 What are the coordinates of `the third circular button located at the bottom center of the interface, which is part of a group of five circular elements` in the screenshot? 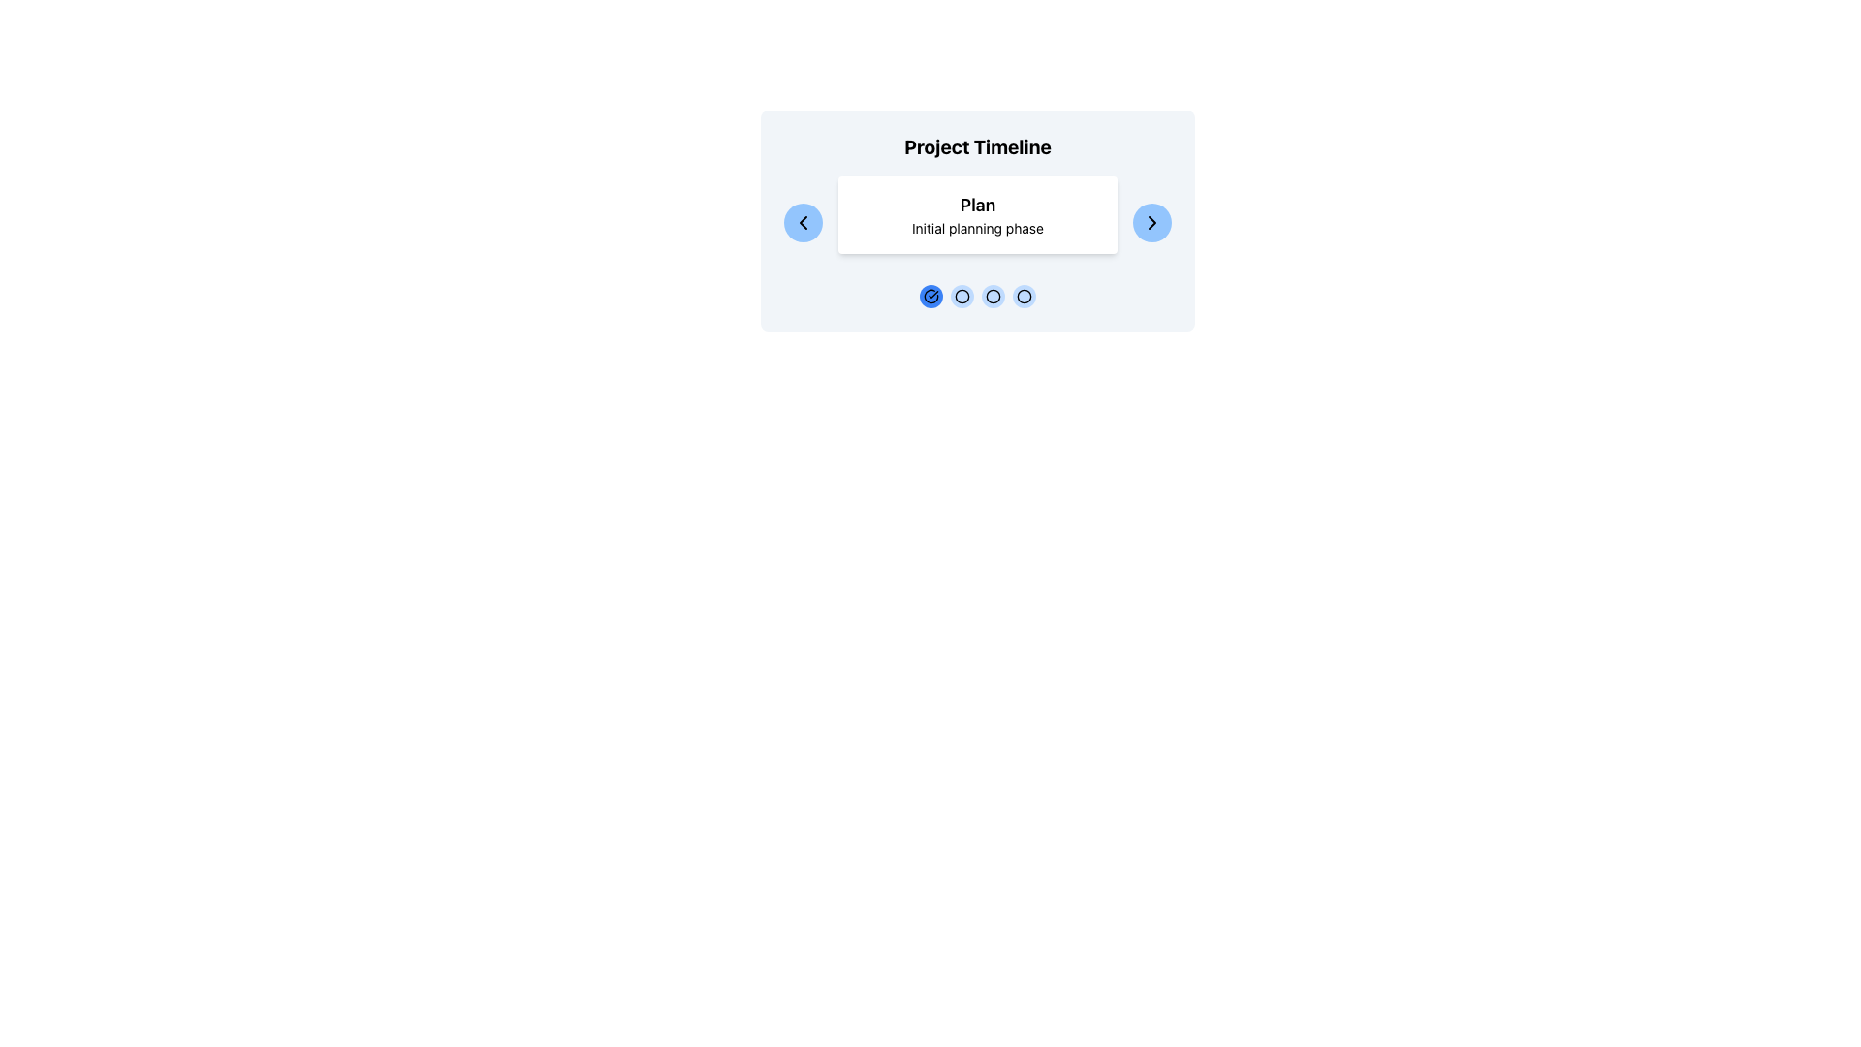 It's located at (994, 296).